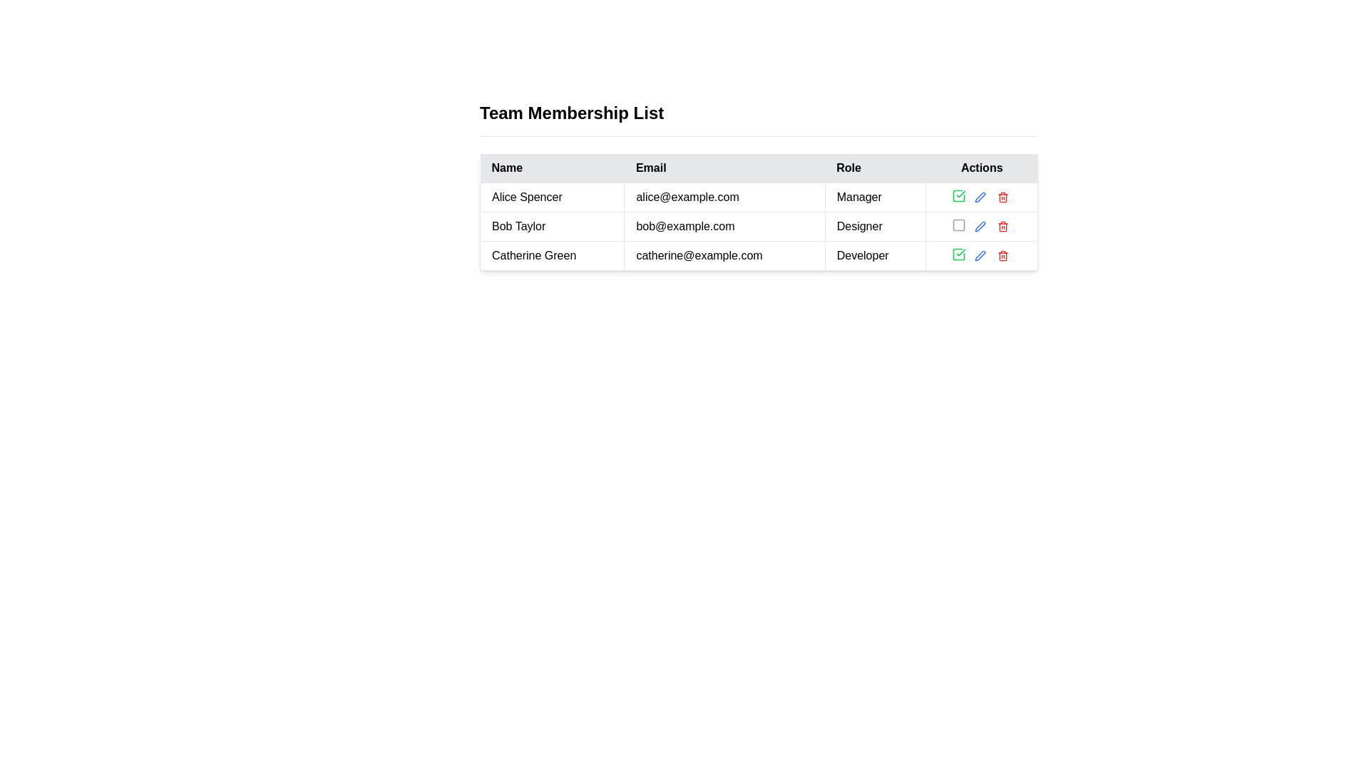 The height and width of the screenshot is (770, 1369). I want to click on the table cell located in the fourth column and second row, under the 'Actions' header, adjacent to 'Bob Taylor - Designer', so click(981, 225).